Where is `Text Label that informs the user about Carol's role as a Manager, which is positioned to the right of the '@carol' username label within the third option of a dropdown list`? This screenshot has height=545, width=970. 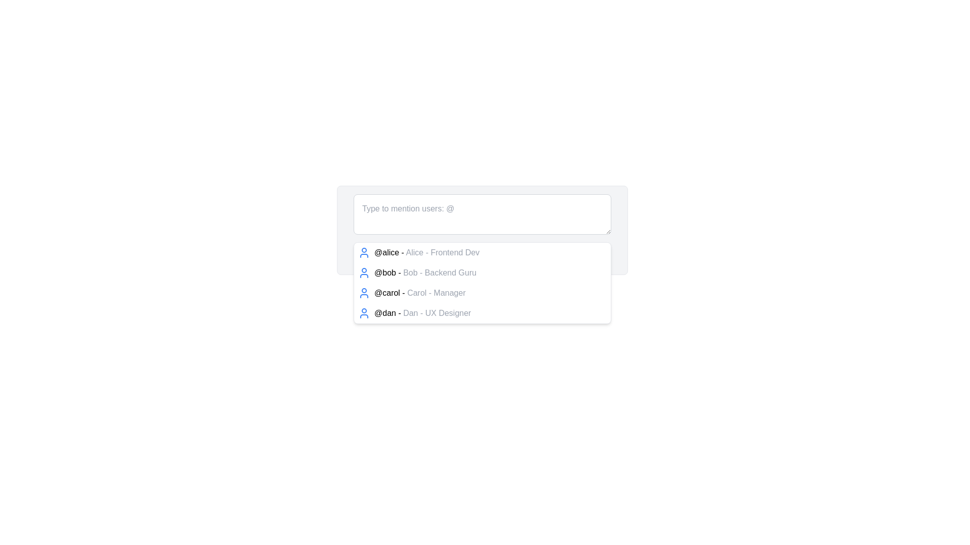
Text Label that informs the user about Carol's role as a Manager, which is positioned to the right of the '@carol' username label within the third option of a dropdown list is located at coordinates (437, 293).